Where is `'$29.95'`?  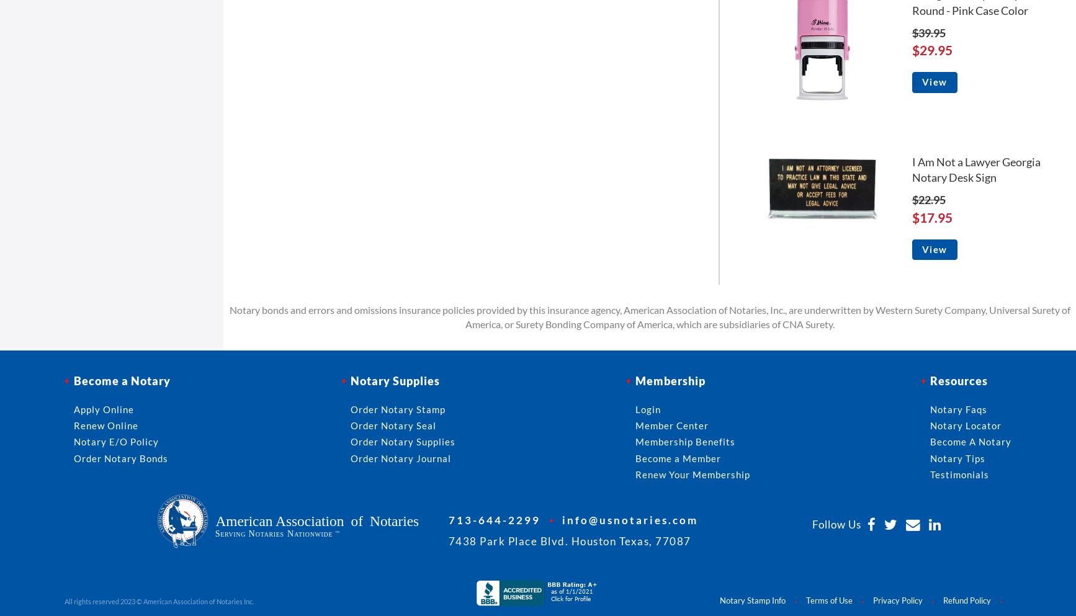
'$29.95' is located at coordinates (911, 49).